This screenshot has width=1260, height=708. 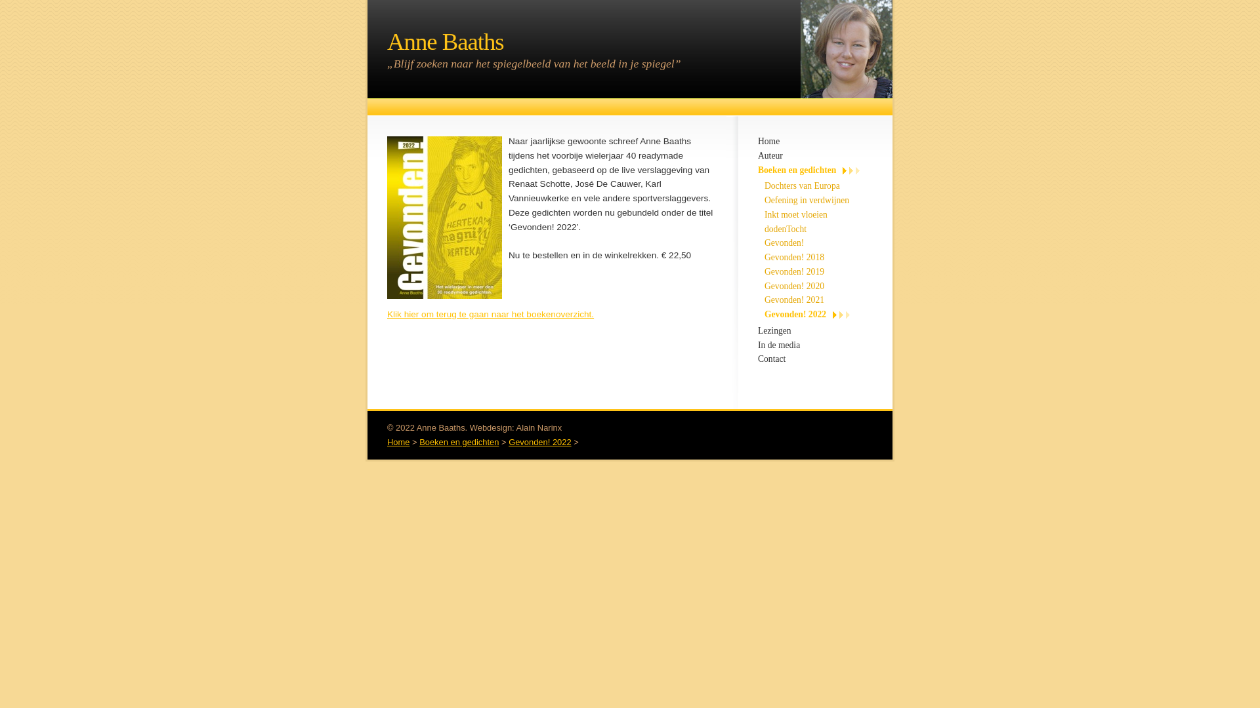 What do you see at coordinates (539, 442) in the screenshot?
I see `'Gevonden! 2022'` at bounding box center [539, 442].